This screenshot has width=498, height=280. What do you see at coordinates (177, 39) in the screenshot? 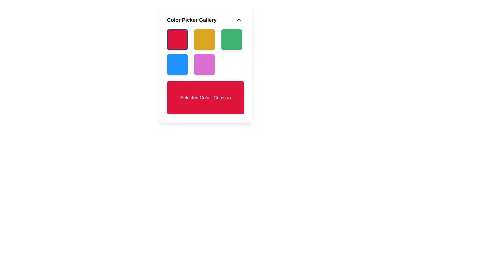
I see `the square-shaped button with a crimson red background and dark gray border` at bounding box center [177, 39].